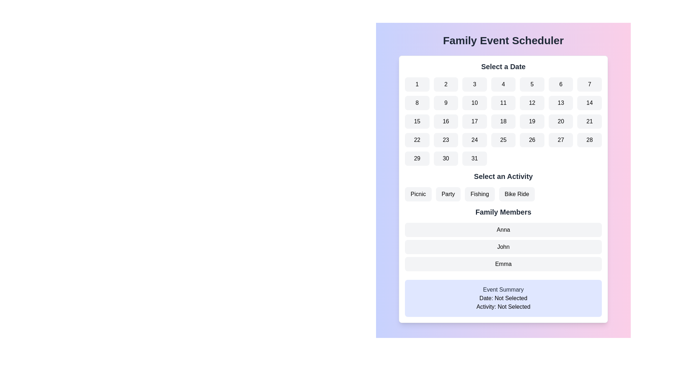  What do you see at coordinates (503, 103) in the screenshot?
I see `the day selection button for day '11' in the date picker located in the second row and fourth column of the grid within the 'Select a Date' section` at bounding box center [503, 103].